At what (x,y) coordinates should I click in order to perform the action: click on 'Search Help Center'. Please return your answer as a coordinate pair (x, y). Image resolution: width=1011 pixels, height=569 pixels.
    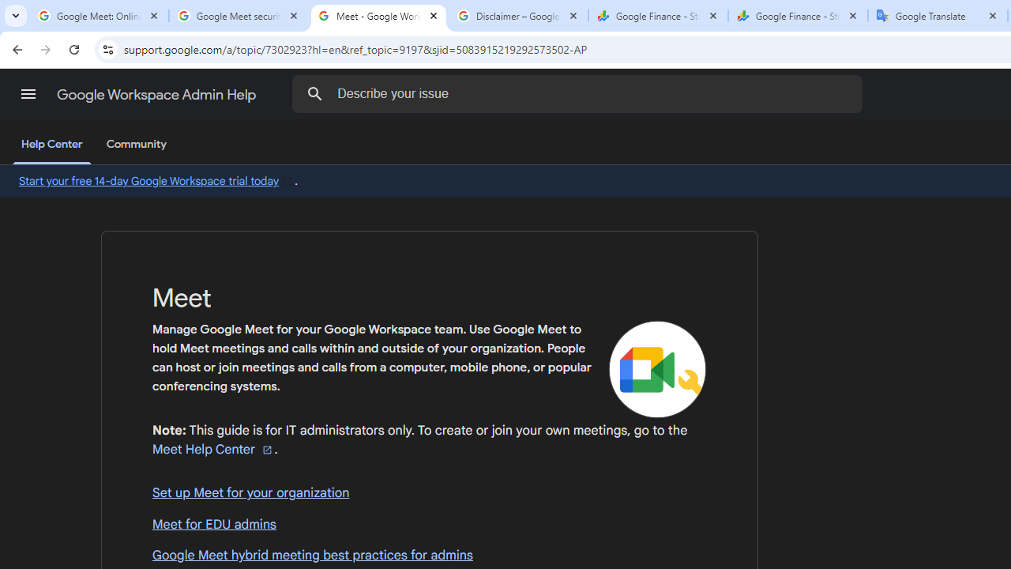
    Looking at the image, I should click on (315, 93).